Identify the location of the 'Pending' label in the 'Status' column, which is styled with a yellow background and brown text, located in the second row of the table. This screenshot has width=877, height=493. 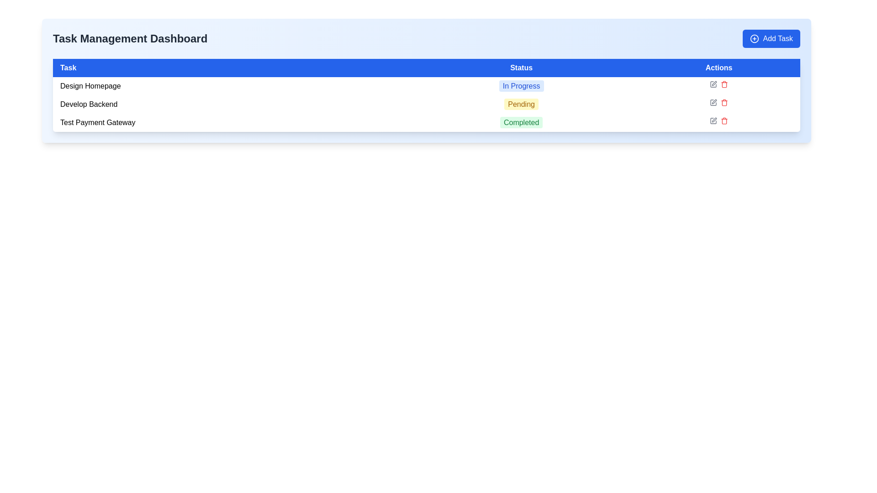
(521, 104).